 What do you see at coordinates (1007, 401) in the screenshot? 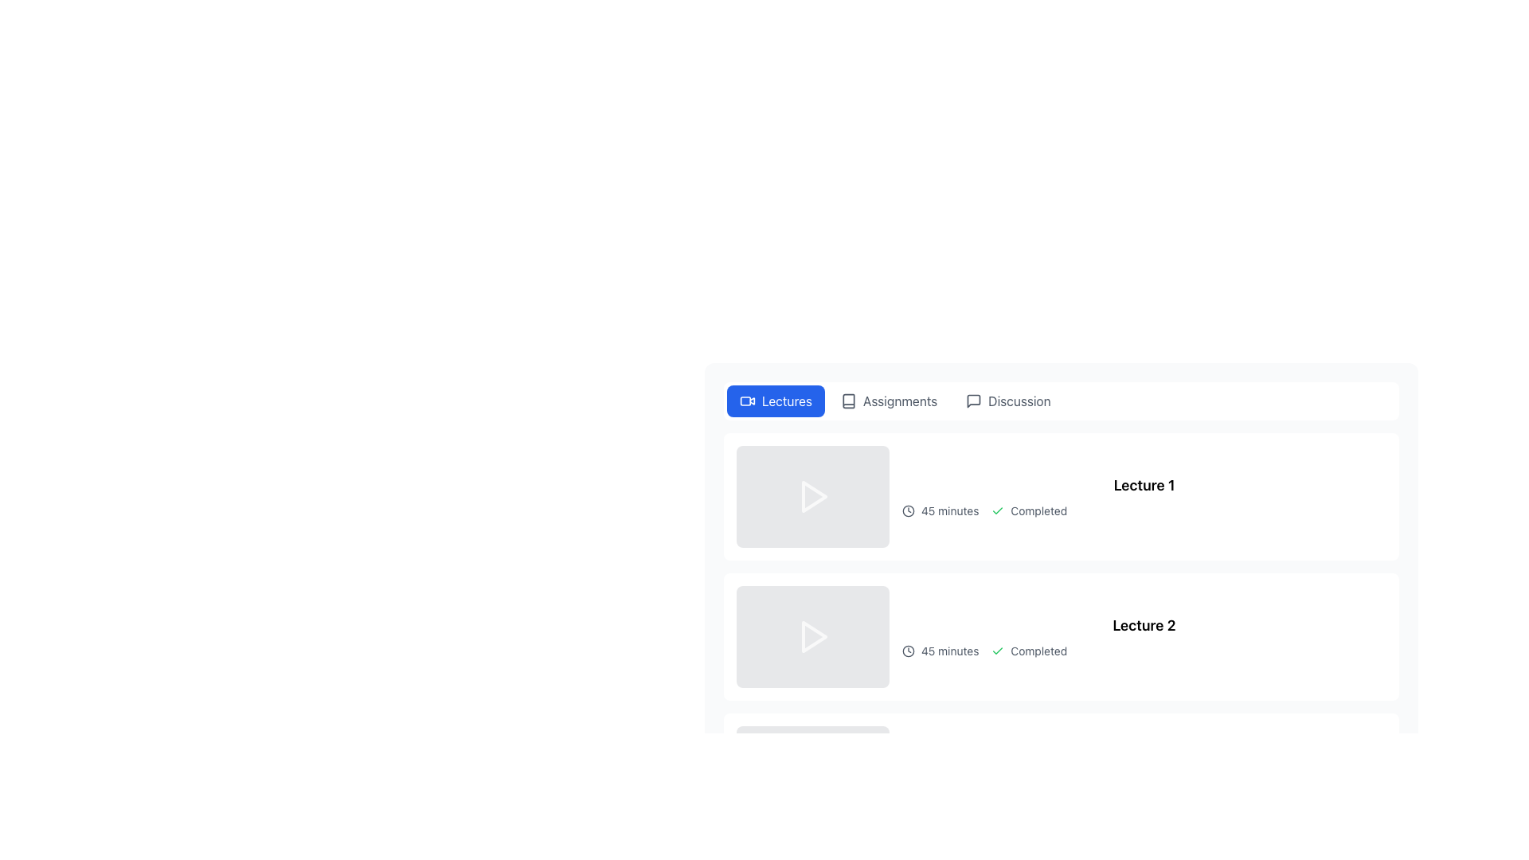
I see `the 'Discussion' button located in the horizontal navigation row` at bounding box center [1007, 401].